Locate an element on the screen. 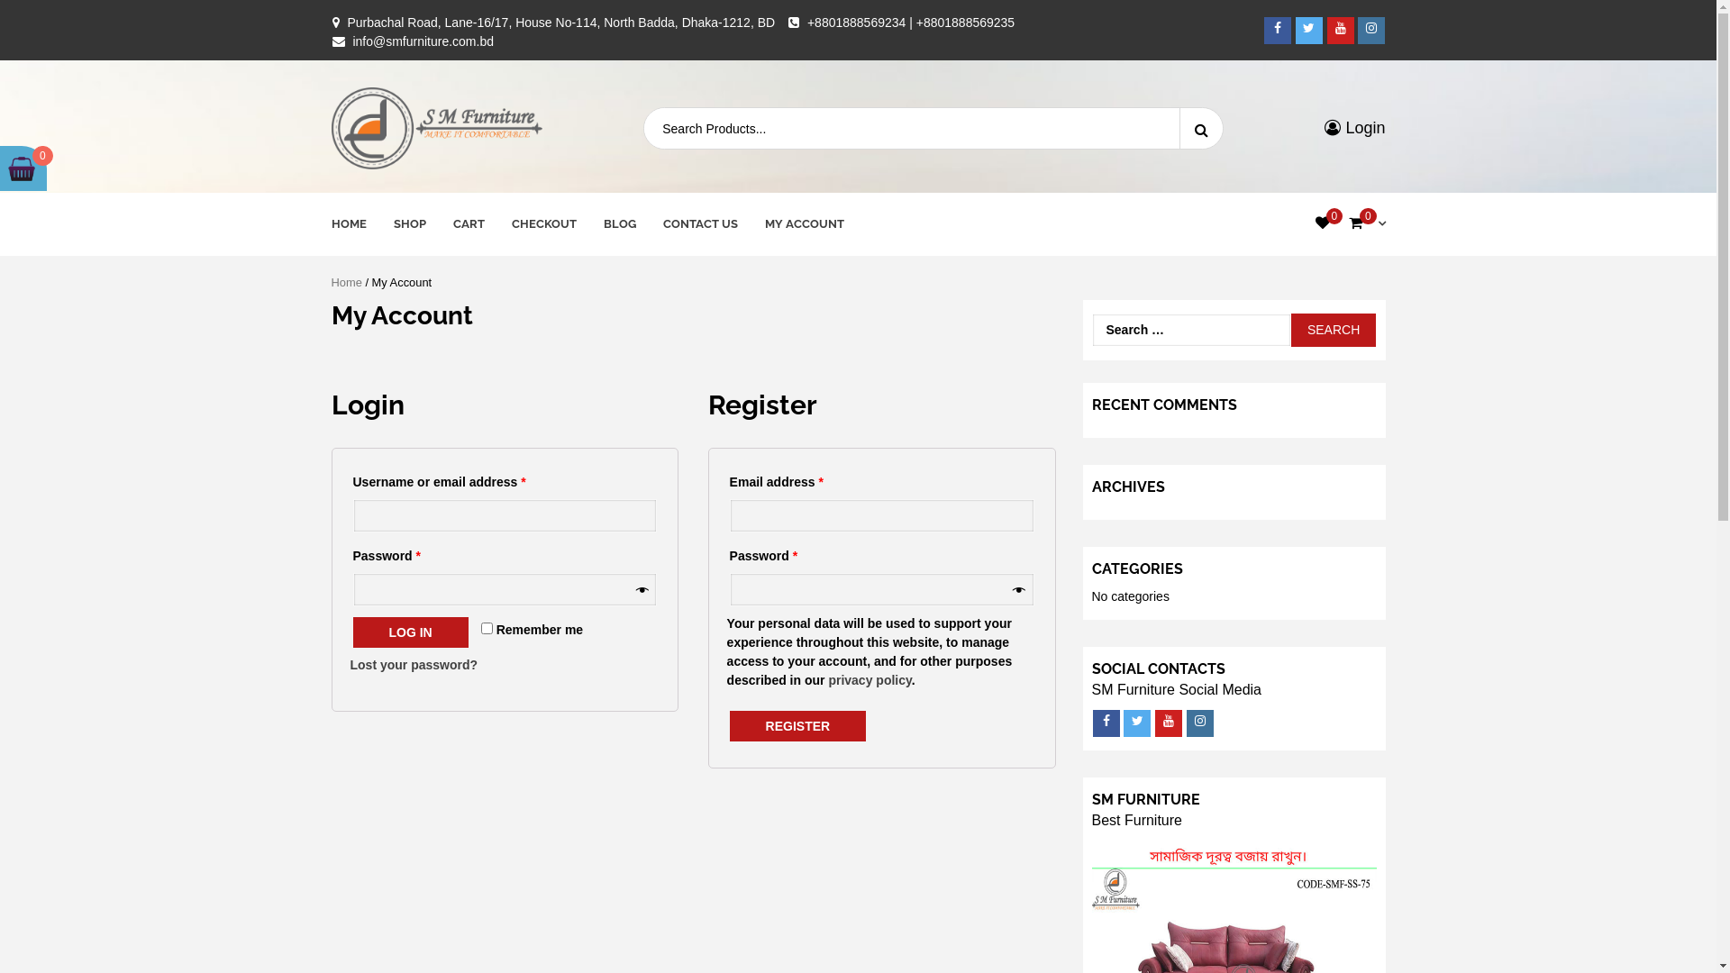  'Home' is located at coordinates (346, 282).